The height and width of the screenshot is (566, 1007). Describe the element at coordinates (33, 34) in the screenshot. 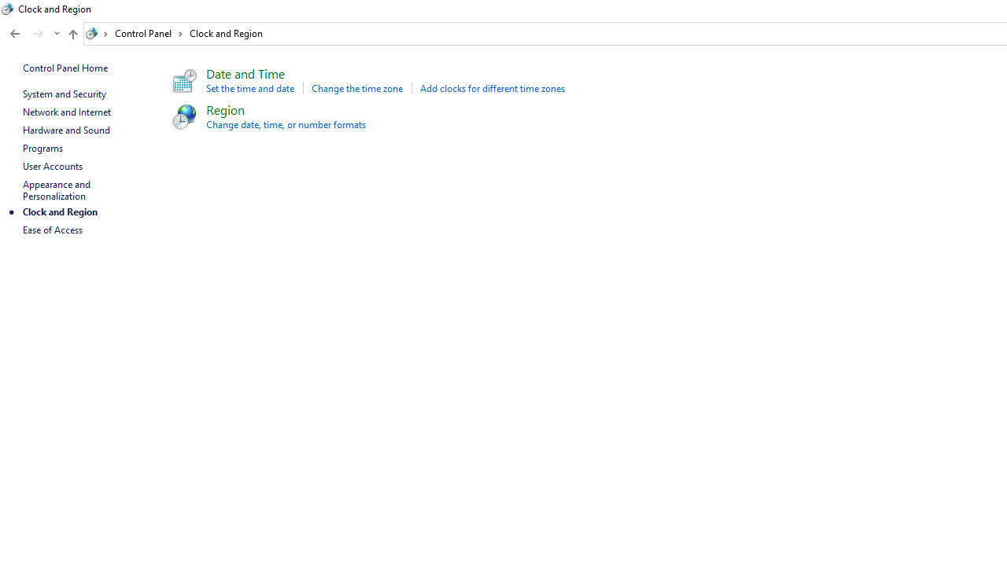

I see `'Navigation buttons'` at that location.